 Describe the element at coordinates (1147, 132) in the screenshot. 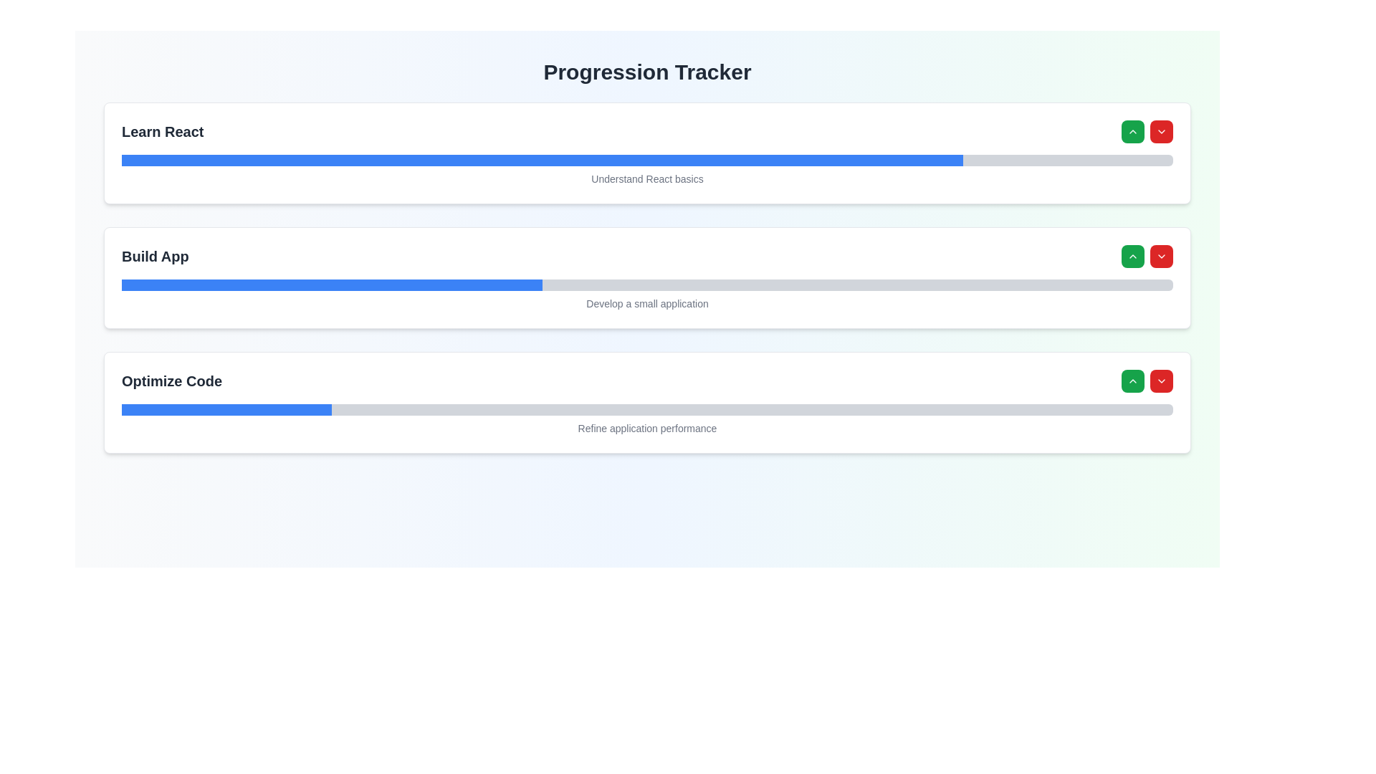

I see `the green button located in the top-right corner of the 'Learn React' section, next to the blue progress bar` at that location.